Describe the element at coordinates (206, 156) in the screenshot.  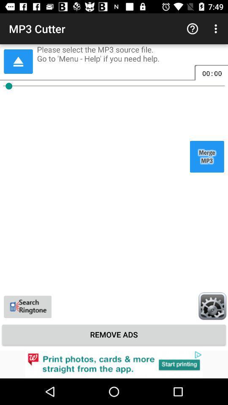
I see `combine mp3 files` at that location.